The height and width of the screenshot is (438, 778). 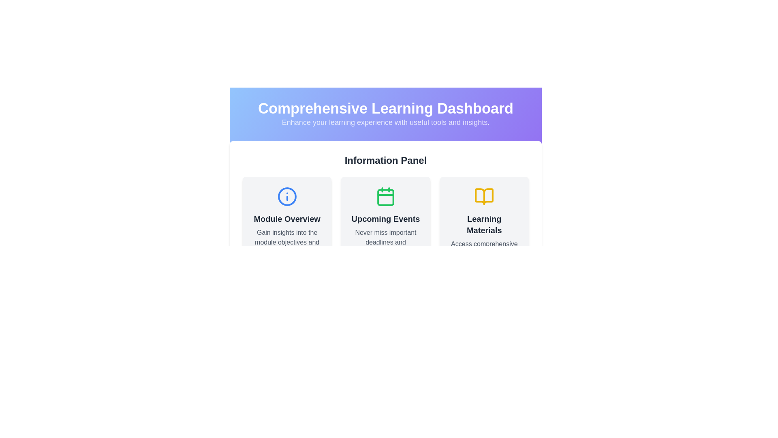 I want to click on the heading displaying 'Comprehensive Learning Dashboard', so click(x=385, y=108).